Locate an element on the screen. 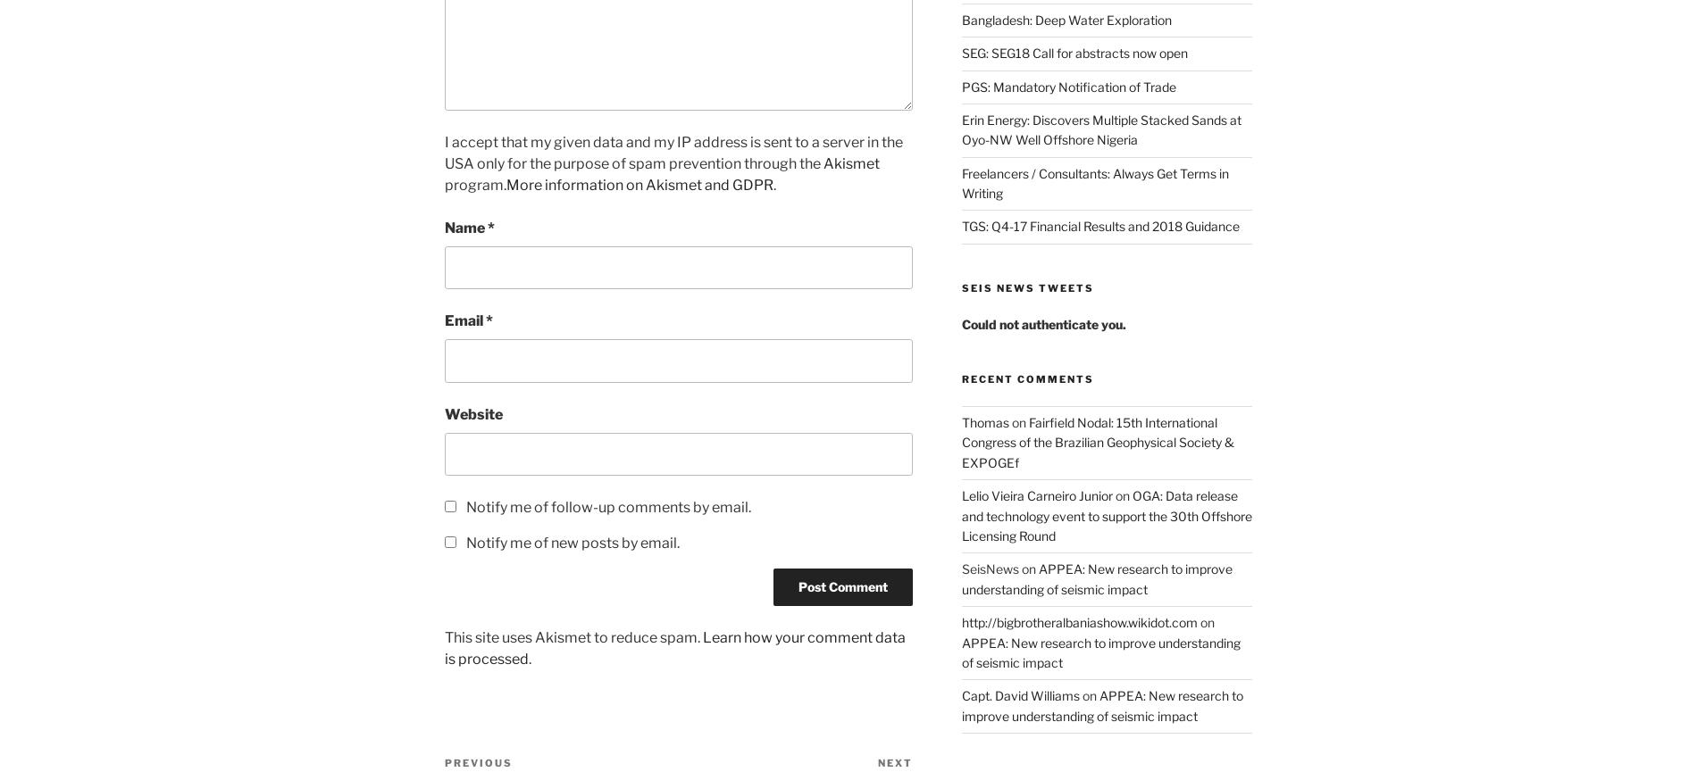 This screenshot has height=772, width=1697. 'Thomas' is located at coordinates (984, 421).